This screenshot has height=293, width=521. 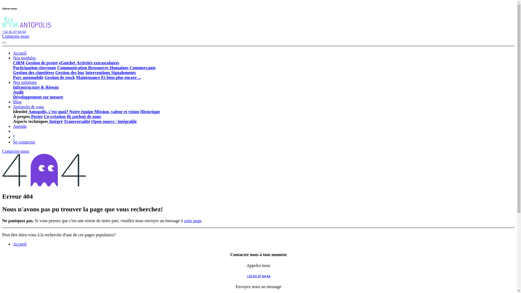 What do you see at coordinates (84, 116) in the screenshot?
I see `'Ils parlent de nous'` at bounding box center [84, 116].